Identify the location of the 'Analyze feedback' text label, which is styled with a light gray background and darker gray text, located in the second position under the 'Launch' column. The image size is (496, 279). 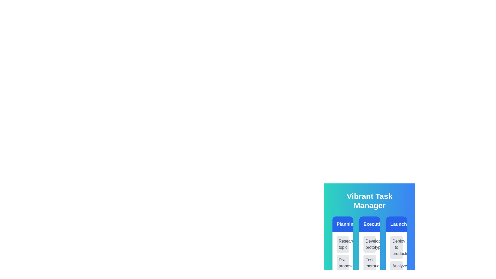
(396, 269).